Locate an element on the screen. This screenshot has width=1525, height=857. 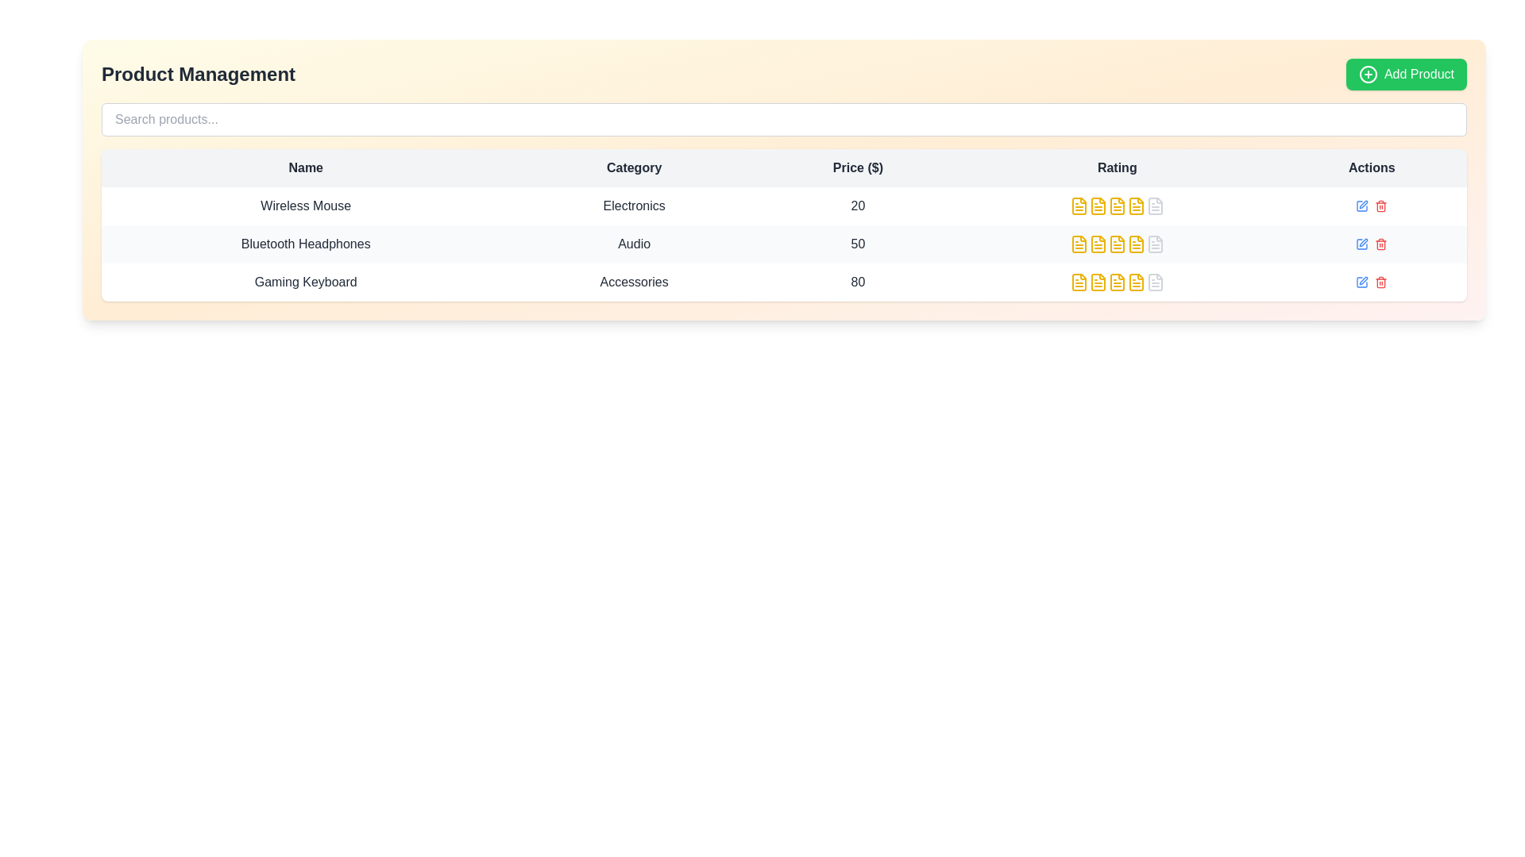
the third rating icon in the second row under the 'Rating' column is located at coordinates (1097, 205).